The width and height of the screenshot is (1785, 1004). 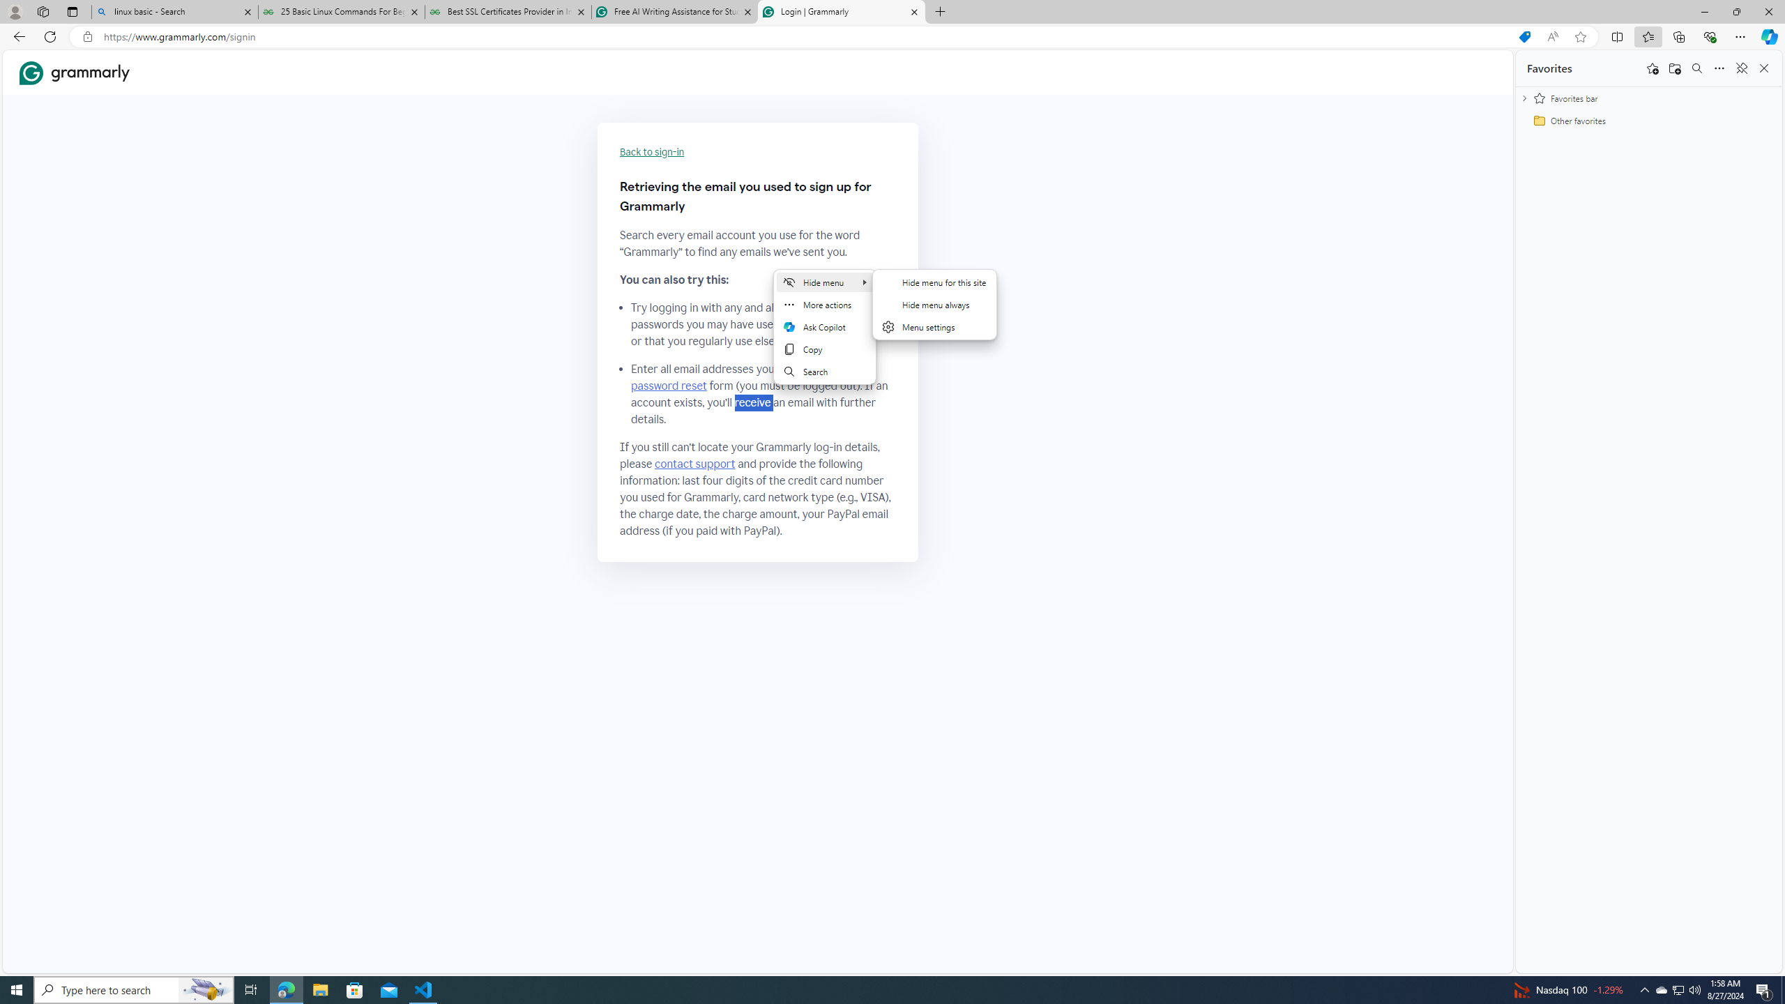 What do you see at coordinates (340, 11) in the screenshot?
I see `'25 Basic Linux Commands For Beginners - GeeksforGeeks'` at bounding box center [340, 11].